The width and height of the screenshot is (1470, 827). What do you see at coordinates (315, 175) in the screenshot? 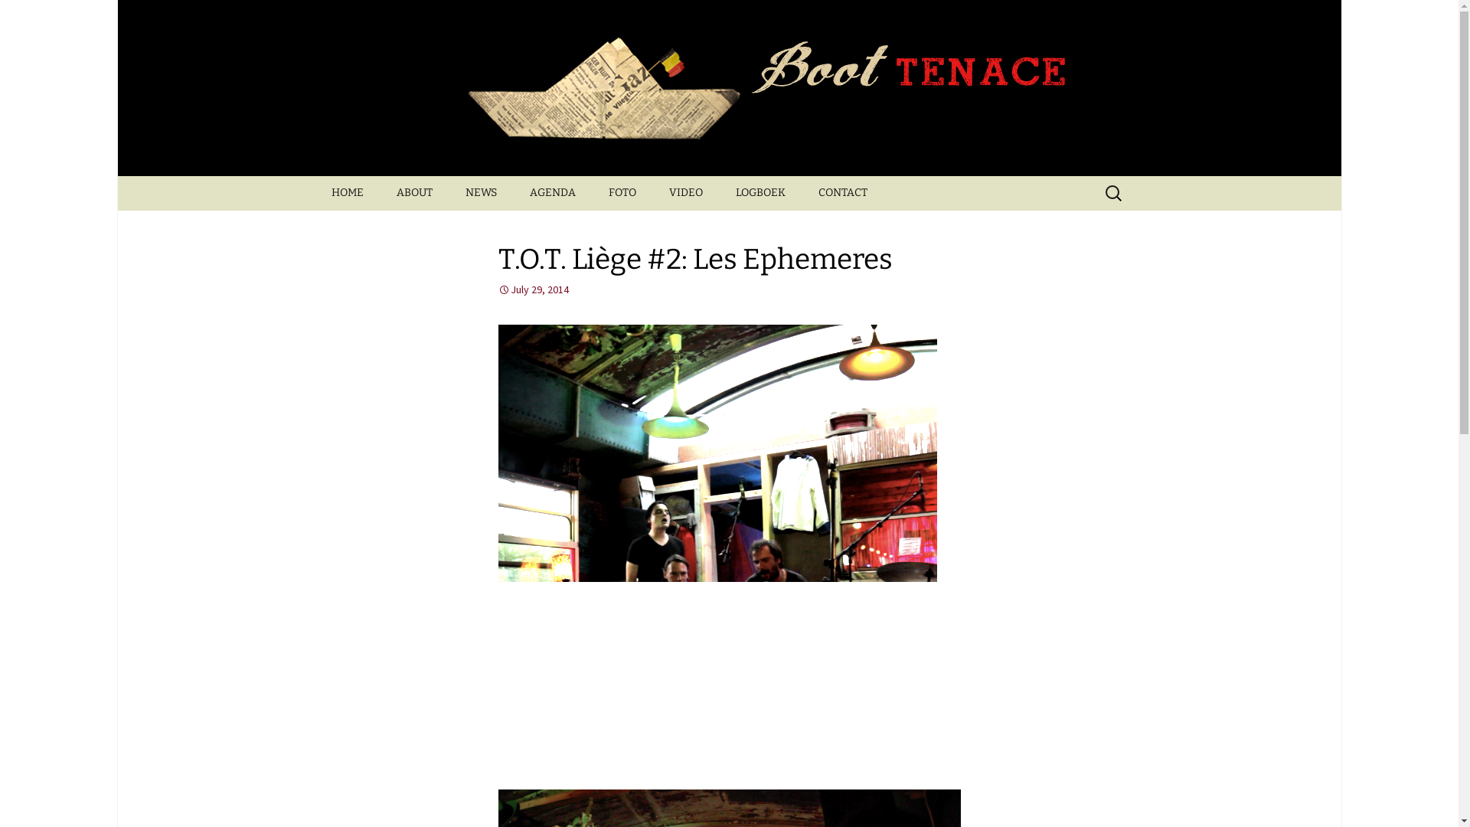
I see `'Skip to content'` at bounding box center [315, 175].